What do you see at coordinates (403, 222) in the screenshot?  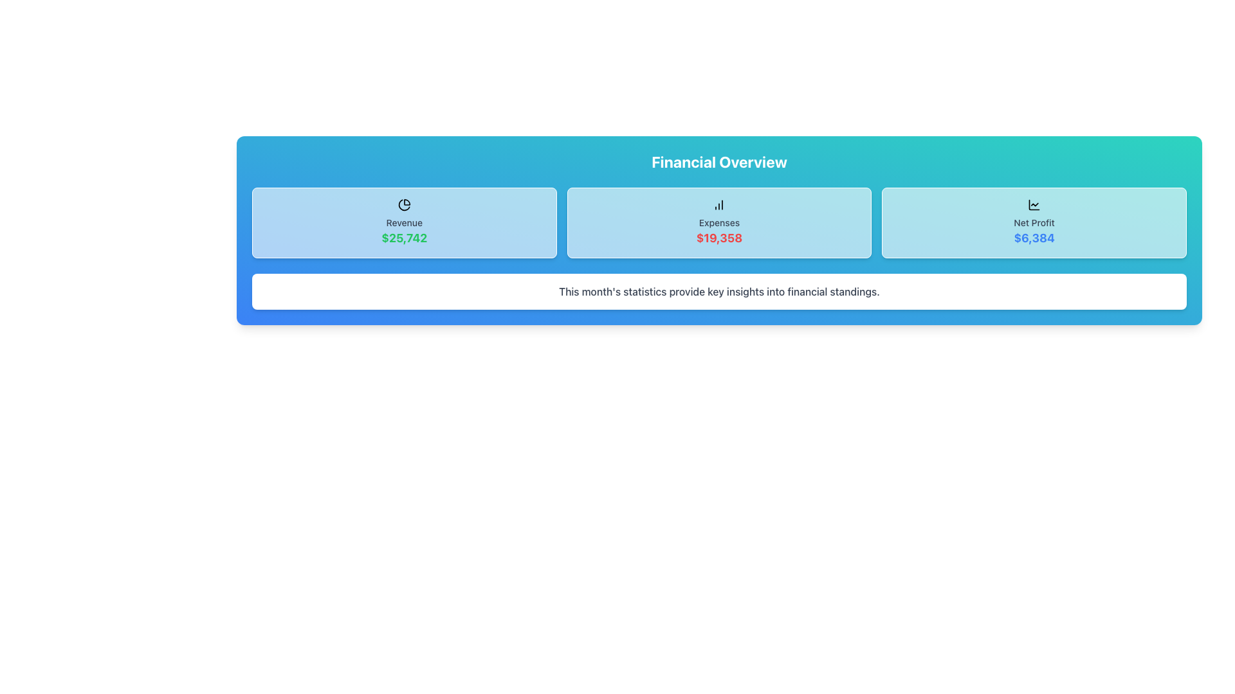 I see `the Informational Card displaying revenue information located at the leftmost position under the 'Financial Overview' heading` at bounding box center [403, 222].